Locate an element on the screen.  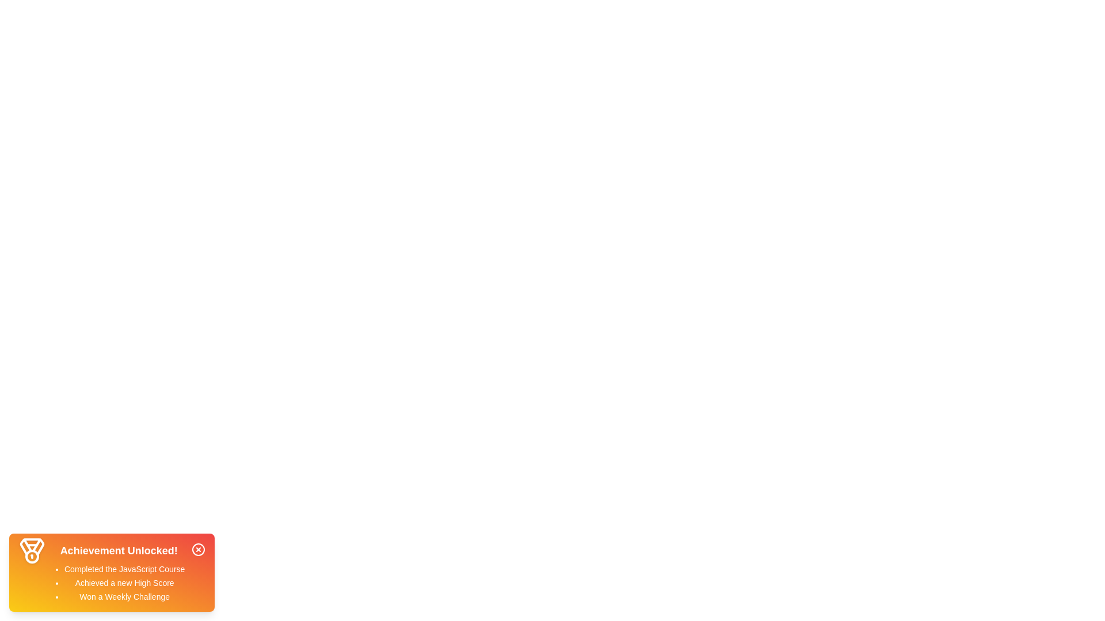
the close button of the snackbar to dismiss it is located at coordinates (199, 549).